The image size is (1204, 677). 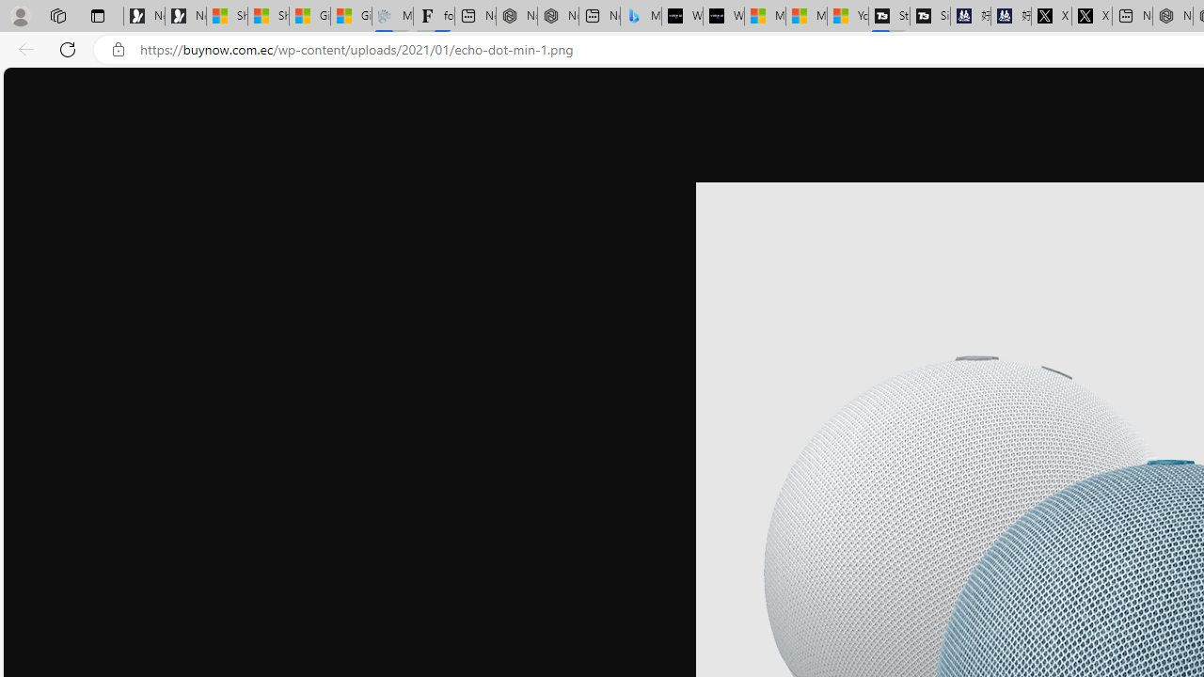 What do you see at coordinates (185, 16) in the screenshot?
I see `'Newsletter Sign Up'` at bounding box center [185, 16].